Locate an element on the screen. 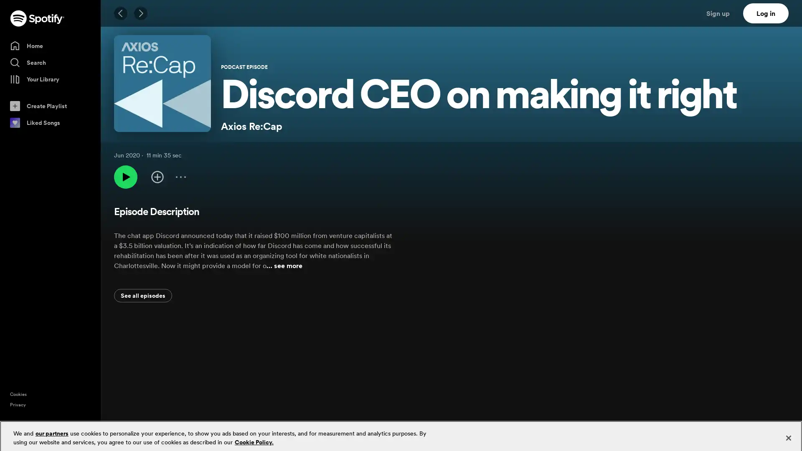 Image resolution: width=802 pixels, height=451 pixels. Sign up free is located at coordinates (760, 438).